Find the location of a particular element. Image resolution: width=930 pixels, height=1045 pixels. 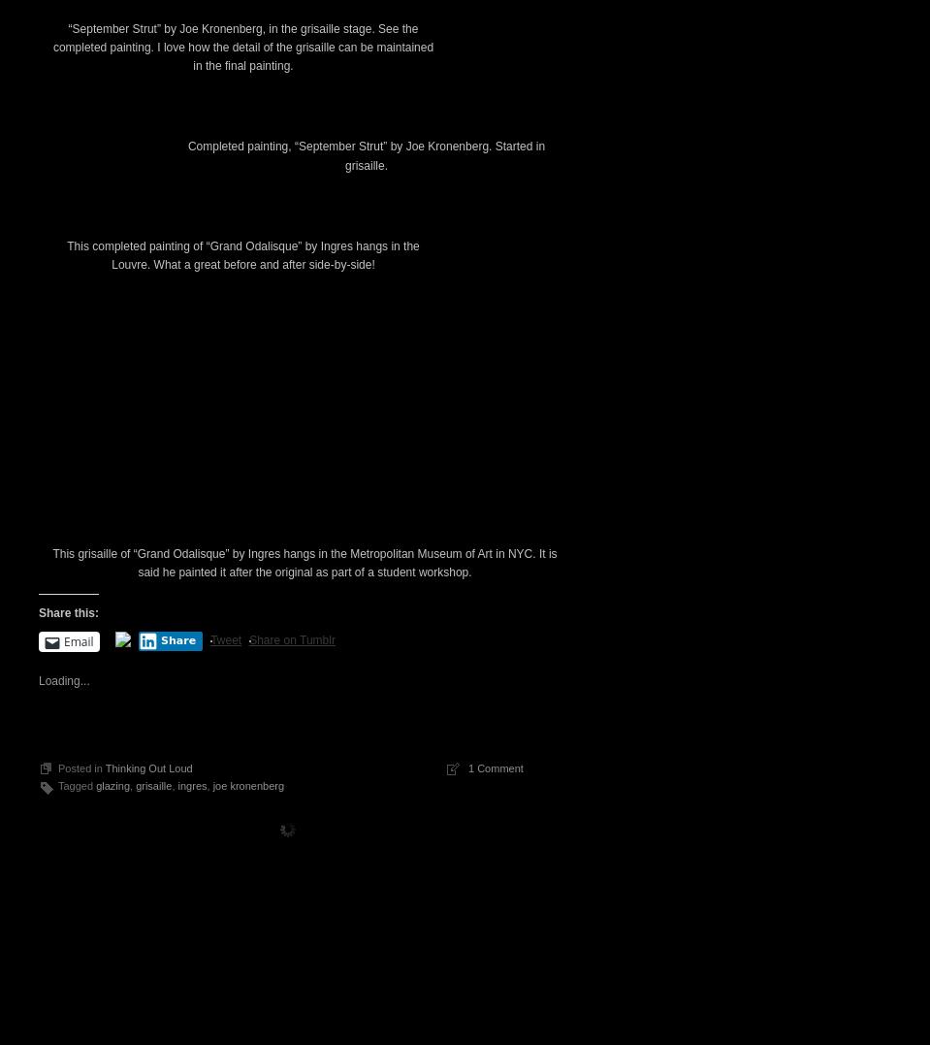

'Tweet' is located at coordinates (226, 971).